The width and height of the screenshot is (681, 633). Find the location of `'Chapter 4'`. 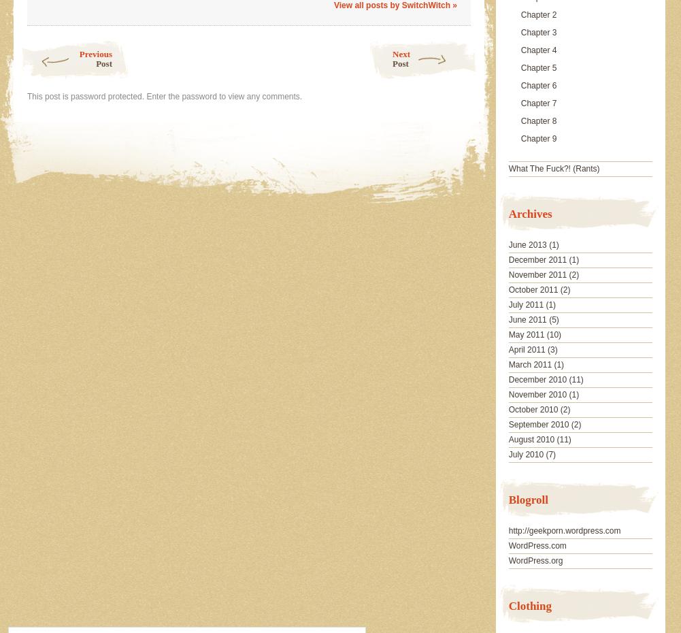

'Chapter 4' is located at coordinates (537, 50).